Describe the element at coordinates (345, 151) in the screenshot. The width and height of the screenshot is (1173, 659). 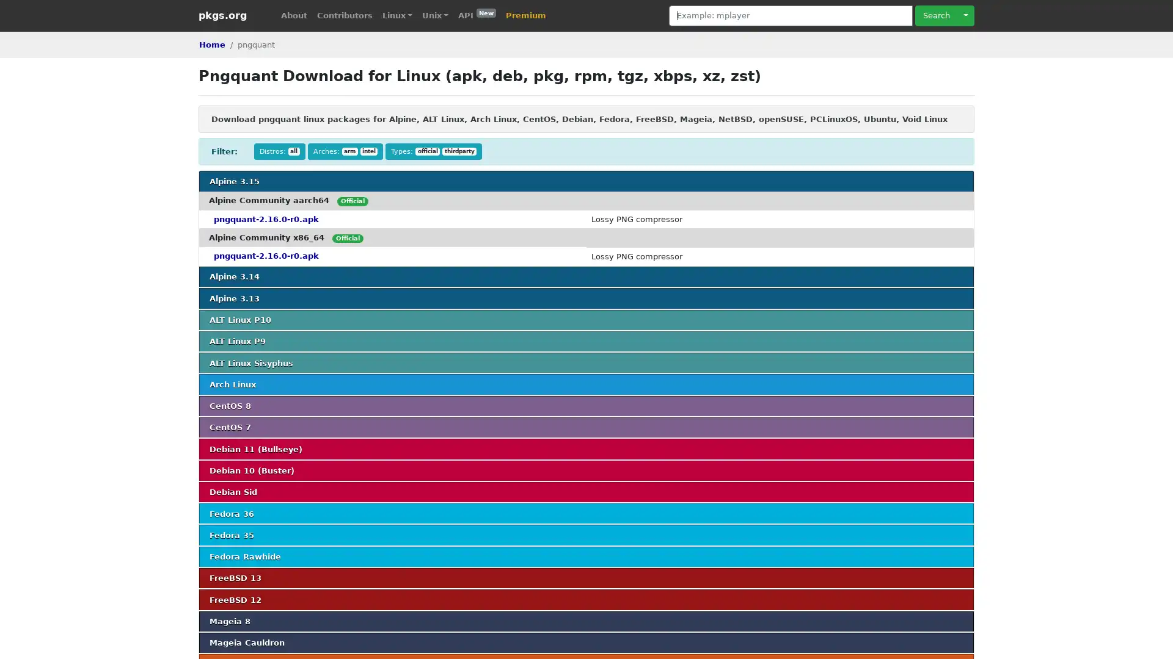
I see `Arches: armintel` at that location.